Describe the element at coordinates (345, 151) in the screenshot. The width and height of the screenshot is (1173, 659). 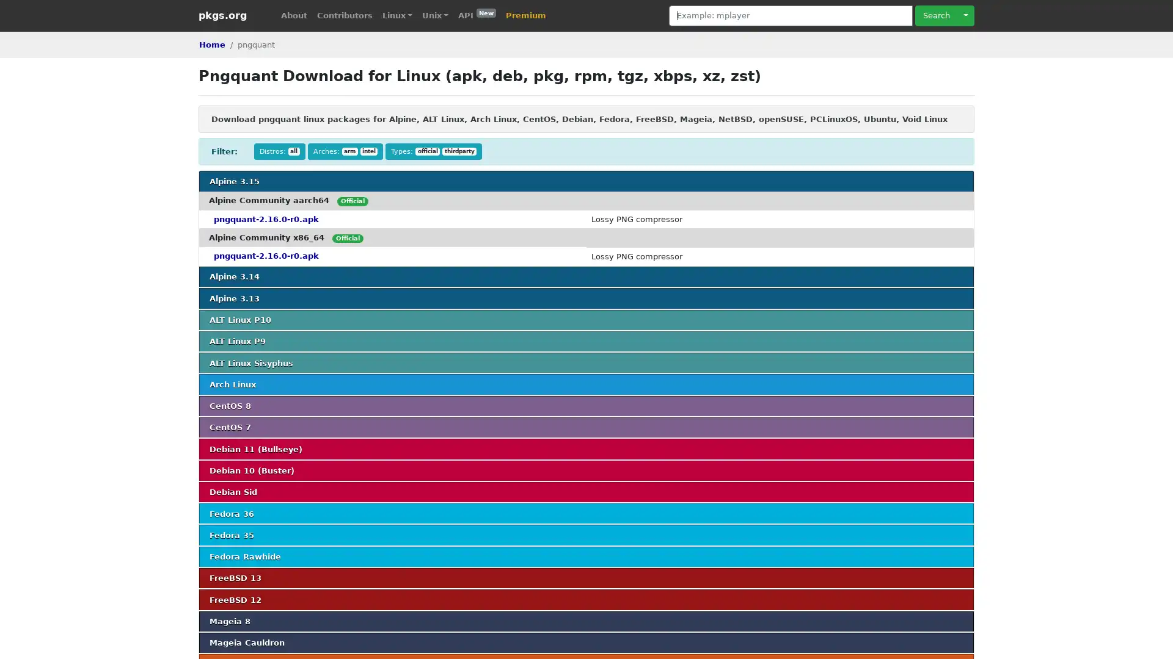
I see `Arches: armintel` at that location.